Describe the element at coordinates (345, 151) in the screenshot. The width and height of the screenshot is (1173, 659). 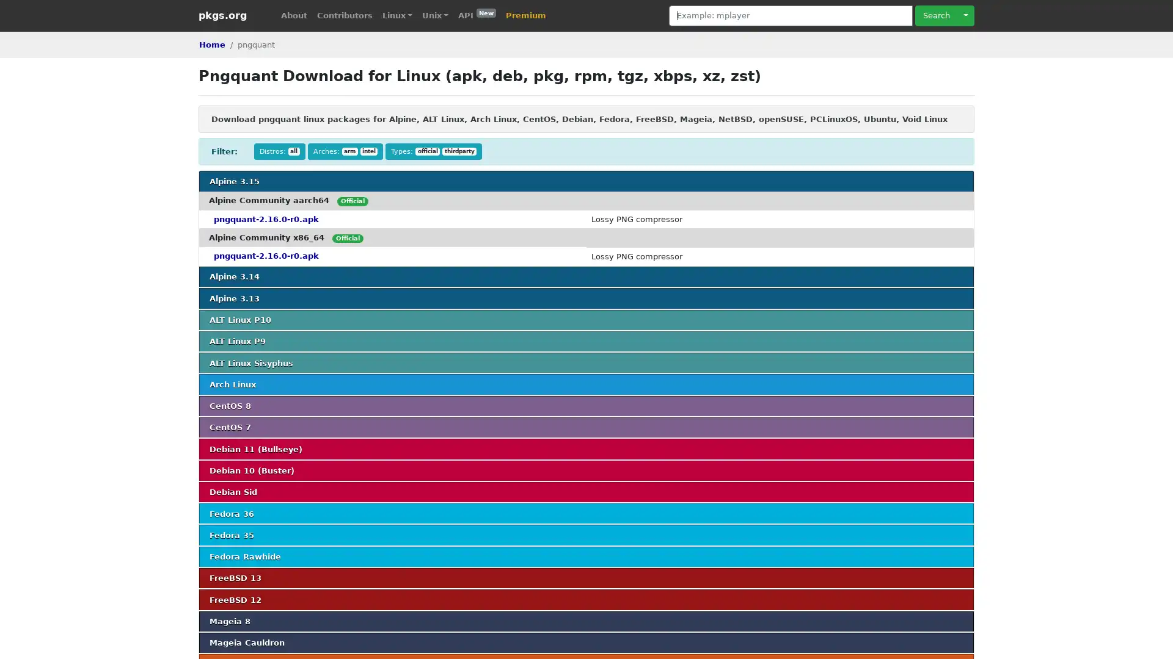
I see `Arches: armintel` at that location.